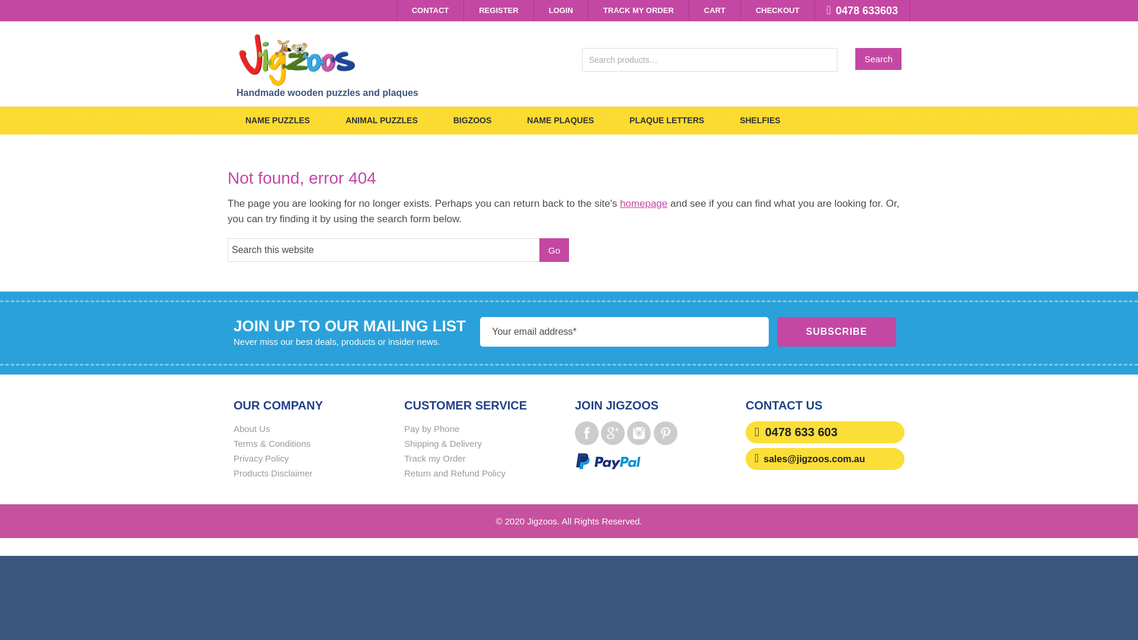 This screenshot has height=640, width=1138. I want to click on 'NAME PUZZLES', so click(277, 120).